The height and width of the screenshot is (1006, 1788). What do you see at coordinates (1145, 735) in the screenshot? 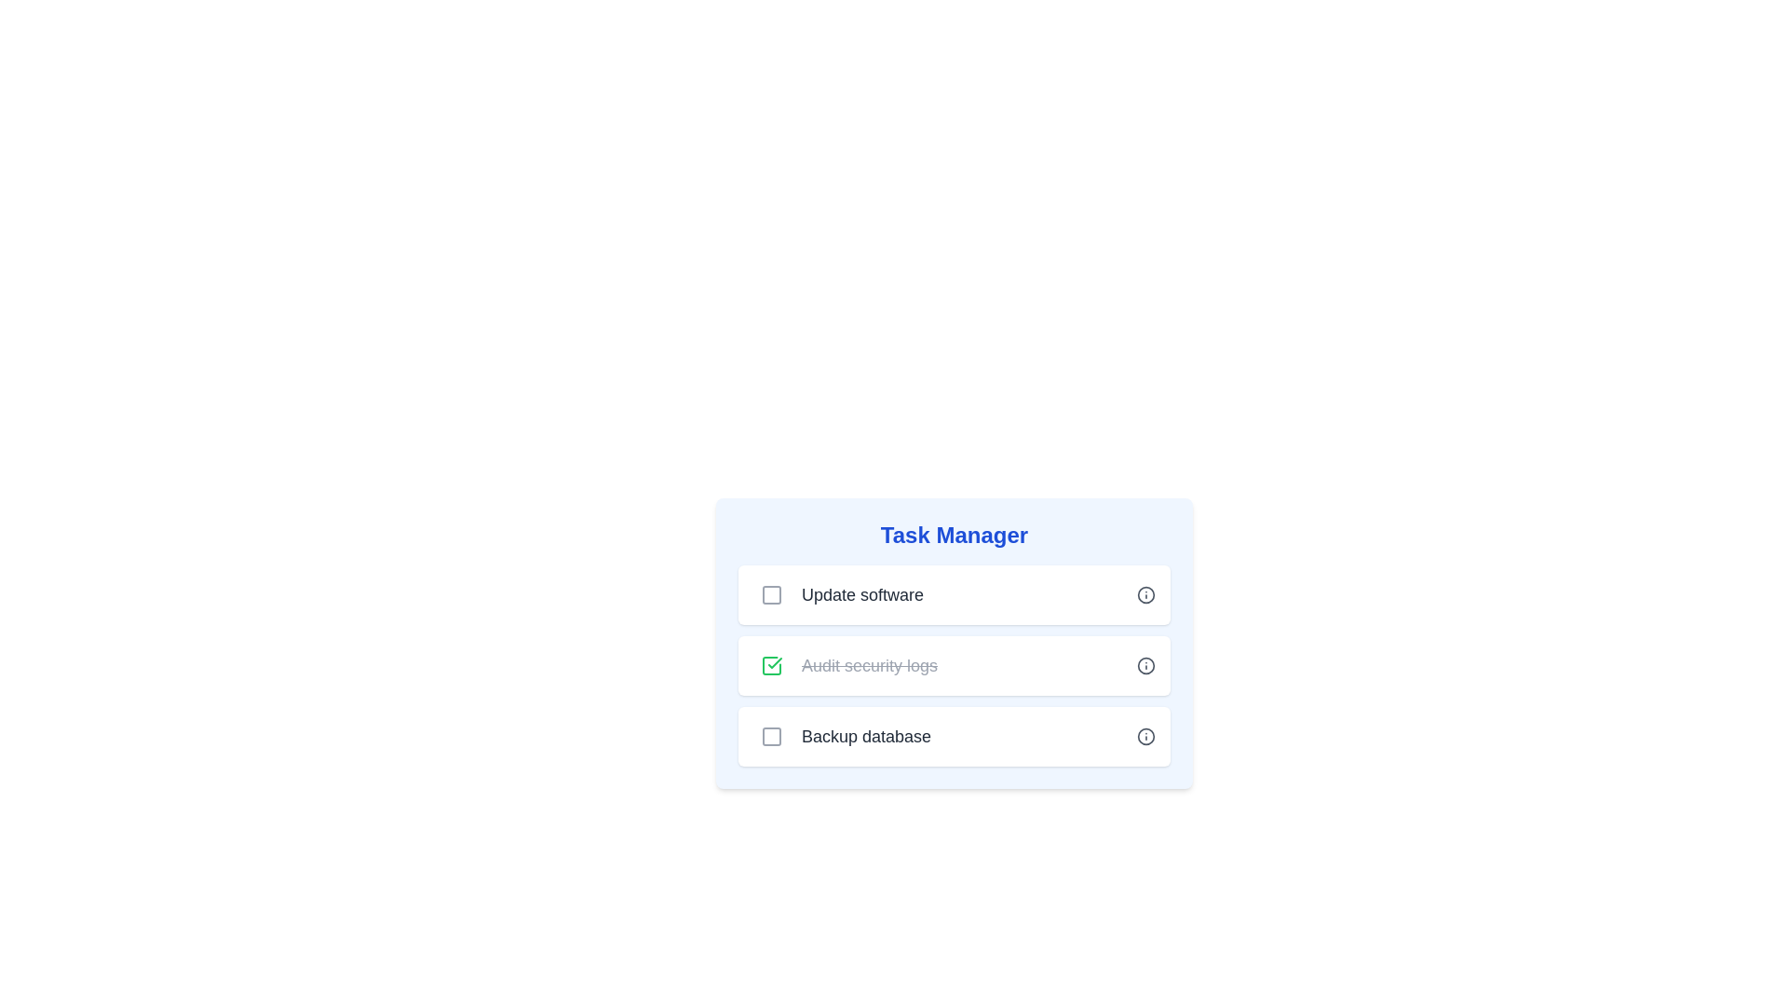
I see `the information icon button on the right side of the 'Backup database' row` at bounding box center [1145, 735].